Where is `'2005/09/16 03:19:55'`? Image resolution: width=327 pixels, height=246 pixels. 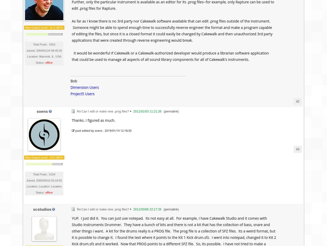 '2005/09/16 03:19:55' is located at coordinates (49, 180).